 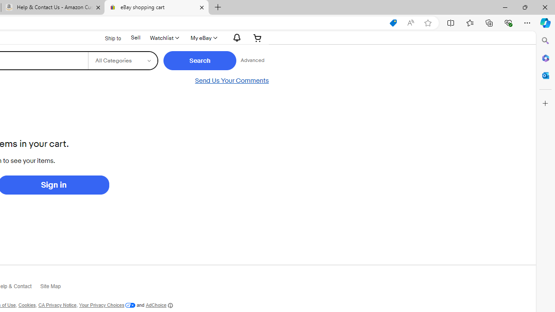 What do you see at coordinates (107, 37) in the screenshot?
I see `'Ship to'` at bounding box center [107, 37].